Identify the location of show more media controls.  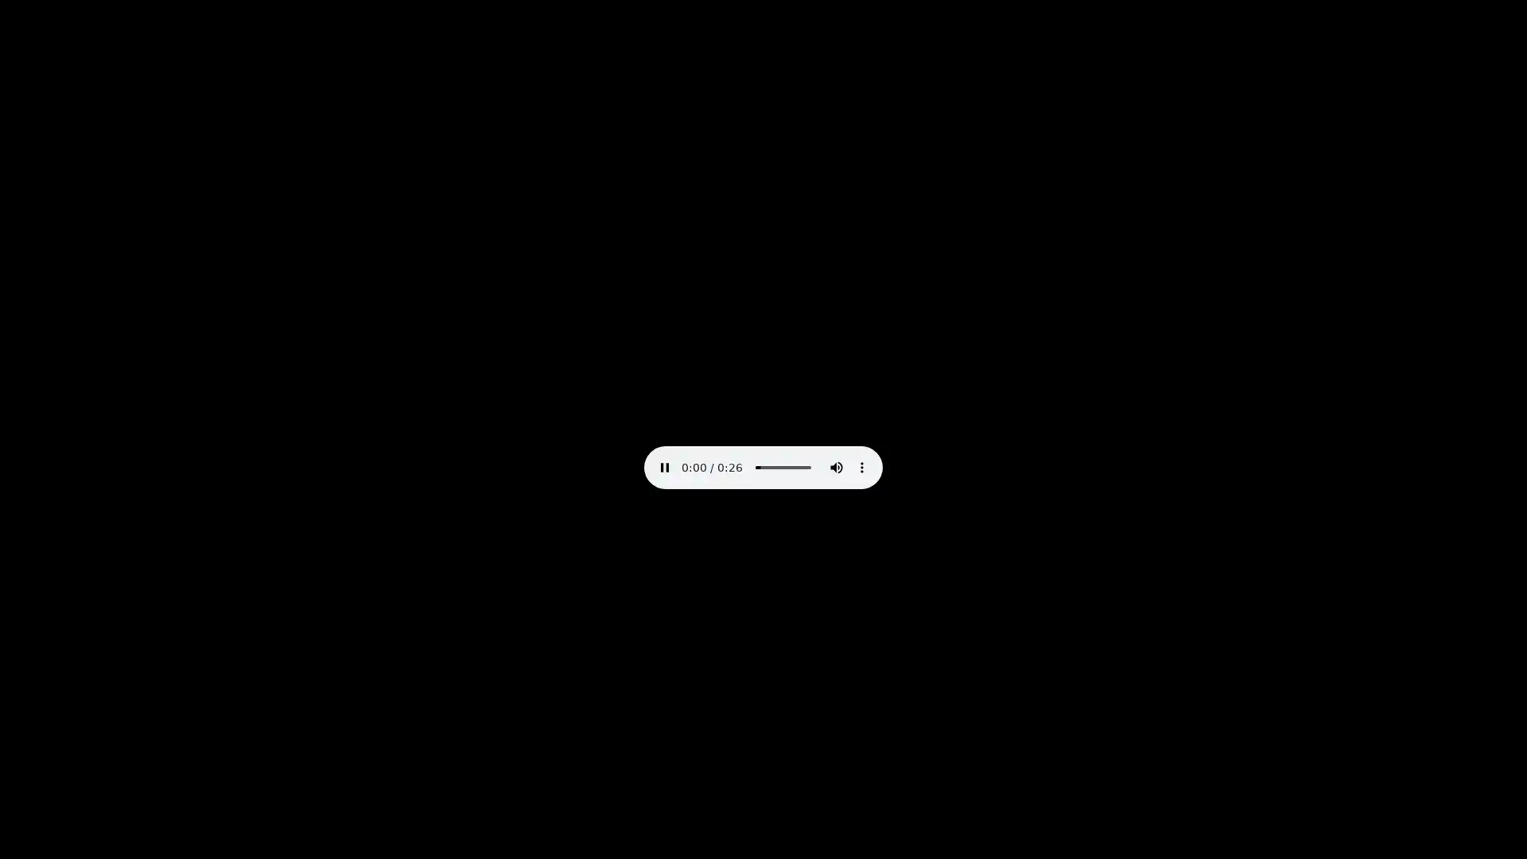
(861, 466).